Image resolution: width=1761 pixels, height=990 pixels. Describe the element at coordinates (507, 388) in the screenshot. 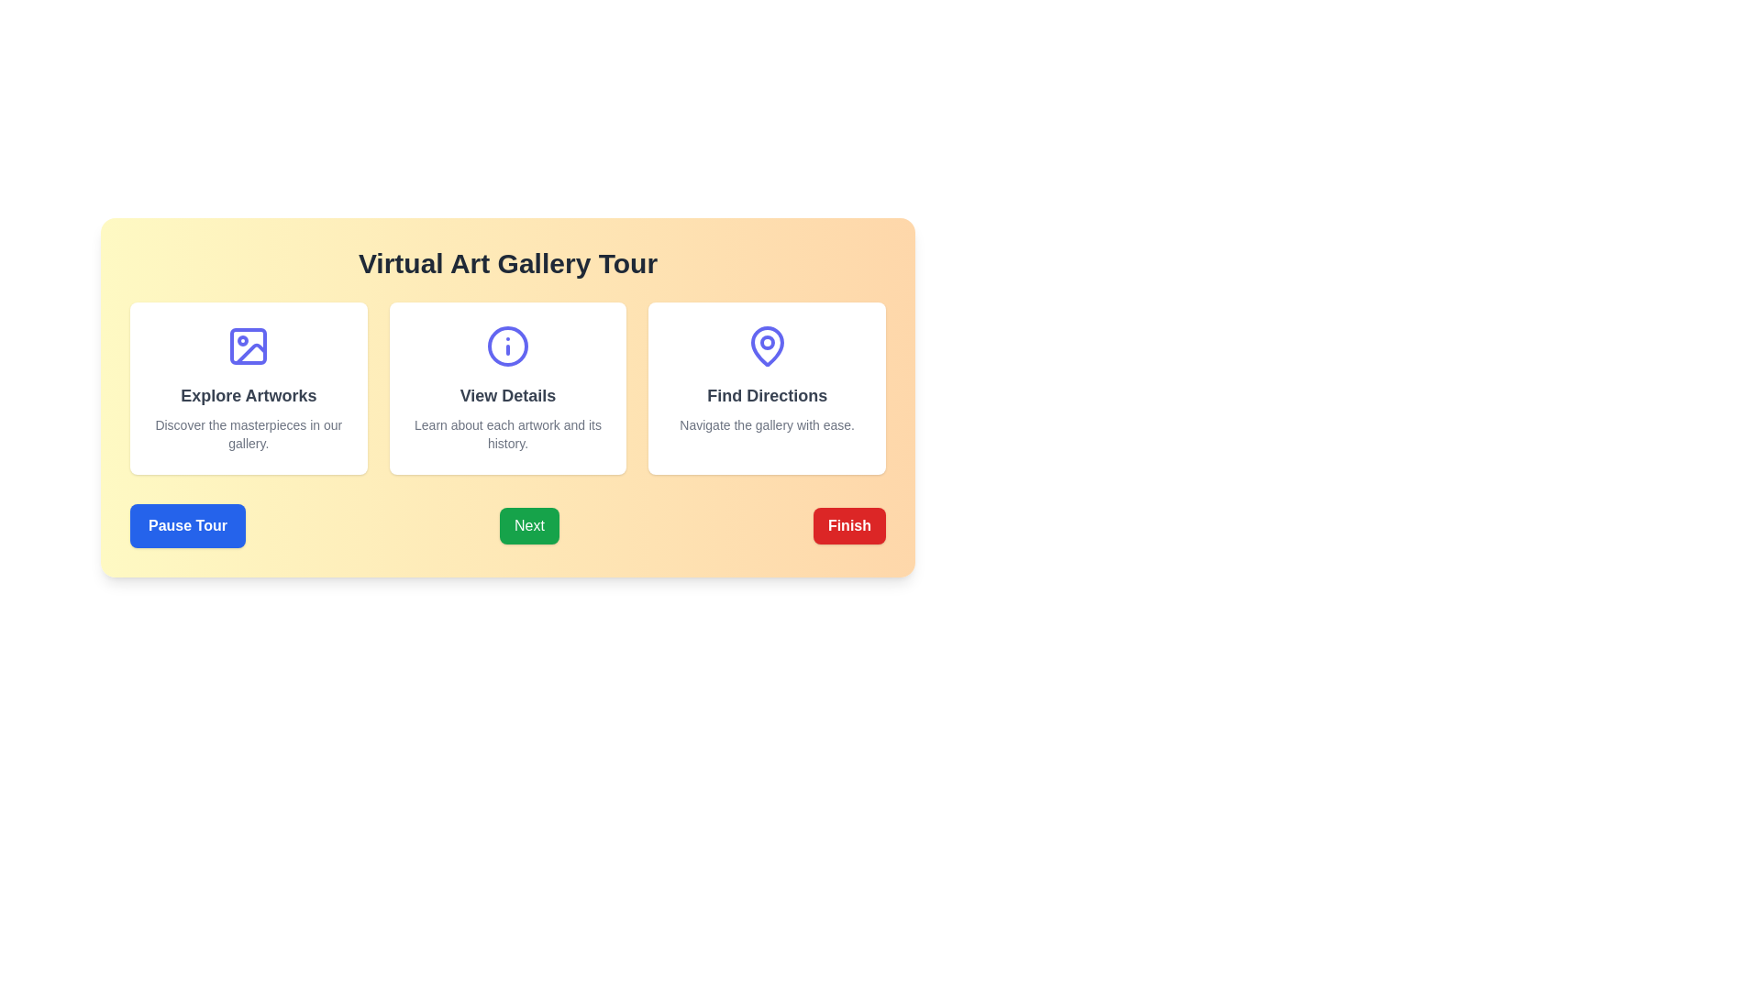

I see `any part of the grid layout containing three cards, which is located above the interactive buttons in the 'Virtual Art Gallery Tour' section` at that location.